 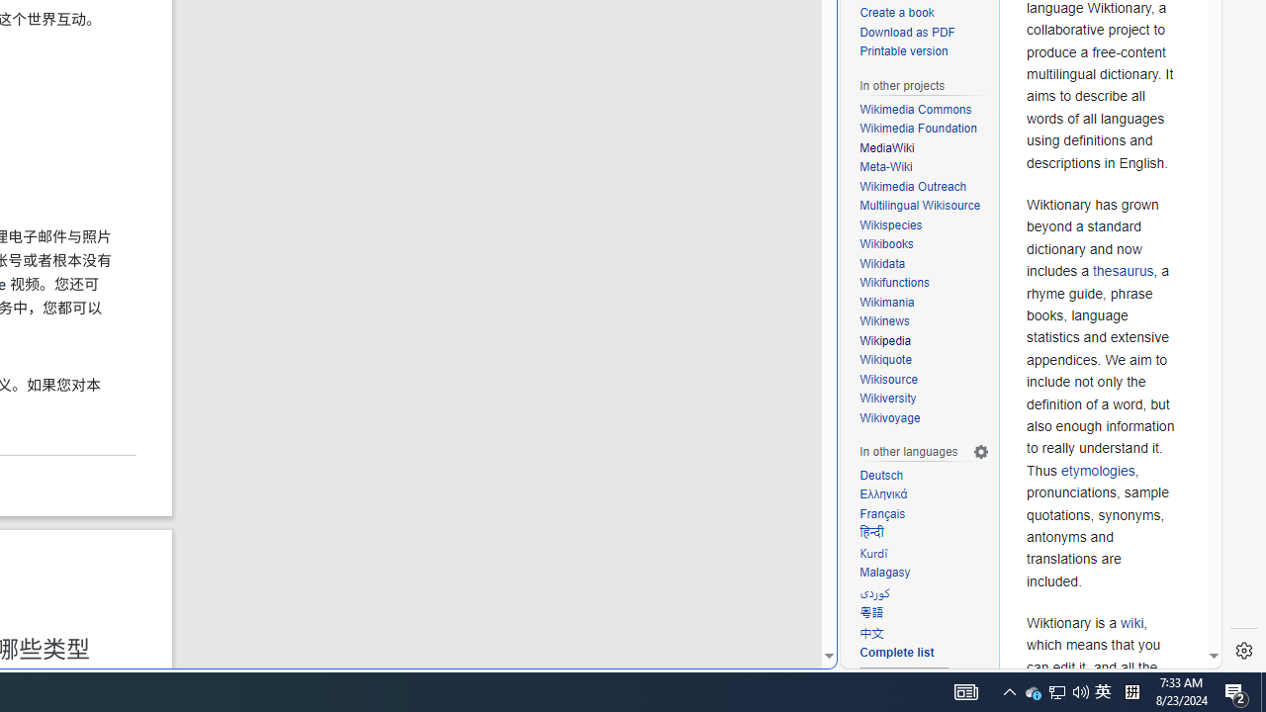 I want to click on 'Wikimedia Commons', so click(x=915, y=109).